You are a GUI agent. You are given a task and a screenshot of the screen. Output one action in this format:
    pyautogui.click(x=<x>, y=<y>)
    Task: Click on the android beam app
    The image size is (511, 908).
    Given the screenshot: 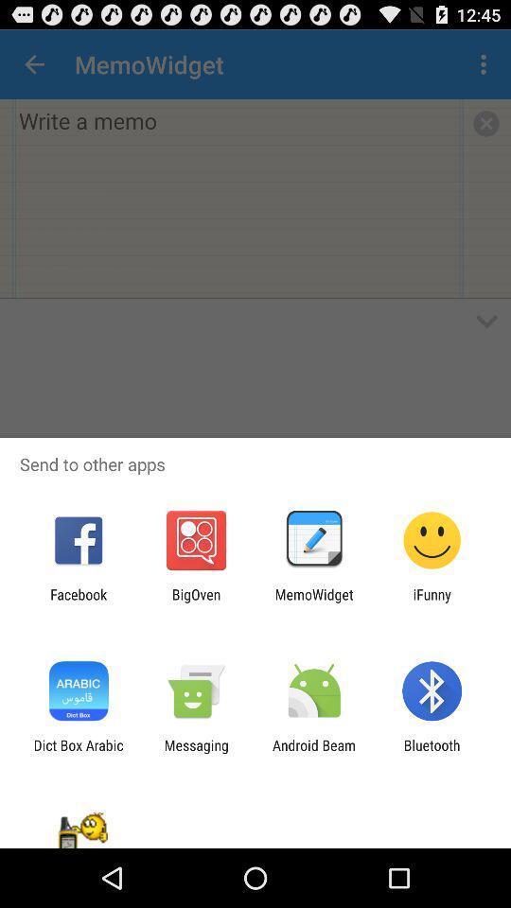 What is the action you would take?
    pyautogui.click(x=314, y=753)
    